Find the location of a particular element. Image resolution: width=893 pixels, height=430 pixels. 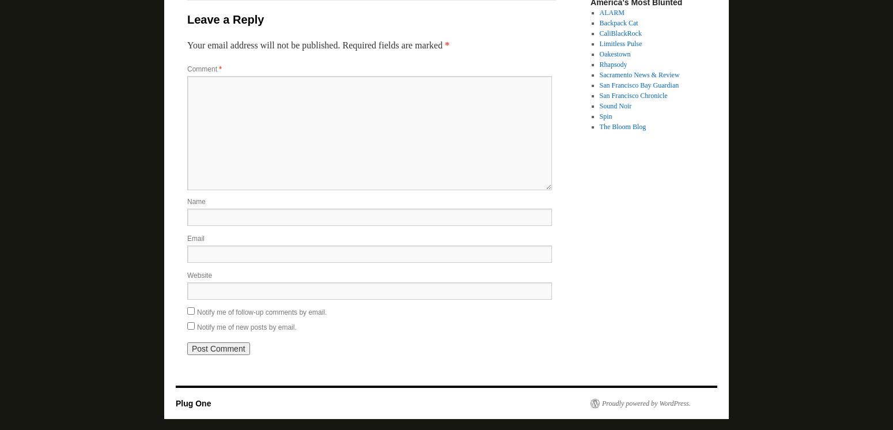

'Your email address will not be published.' is located at coordinates (263, 45).